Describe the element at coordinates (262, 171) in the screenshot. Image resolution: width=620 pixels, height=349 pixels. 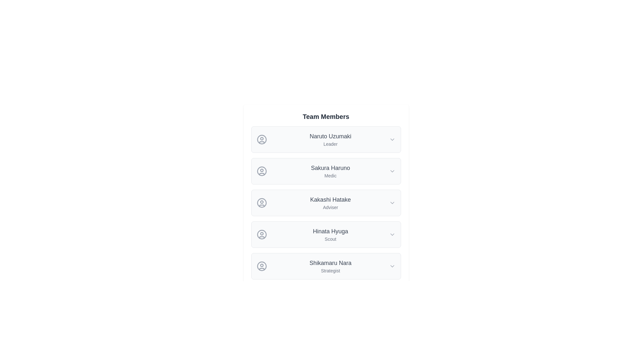
I see `the outer circular graphical element of the user profile icon, which is located in the second row of the vertically stacked list interface next to the label 'Sakura Haruno'` at that location.